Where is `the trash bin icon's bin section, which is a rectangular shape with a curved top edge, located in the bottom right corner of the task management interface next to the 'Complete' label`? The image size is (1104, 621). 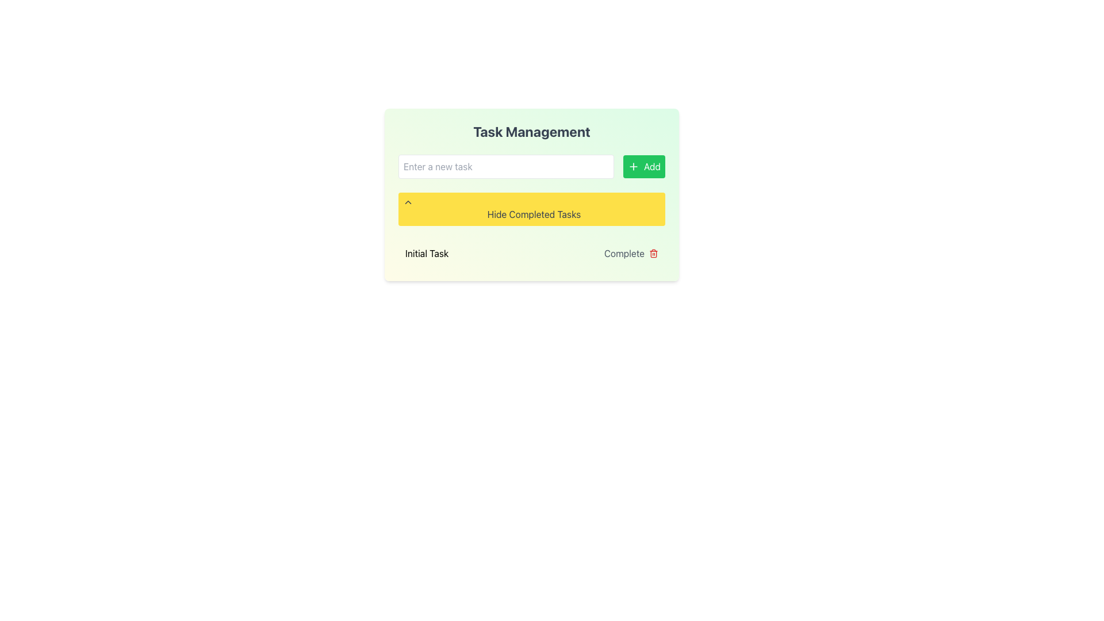
the trash bin icon's bin section, which is a rectangular shape with a curved top edge, located in the bottom right corner of the task management interface next to the 'Complete' label is located at coordinates (654, 254).